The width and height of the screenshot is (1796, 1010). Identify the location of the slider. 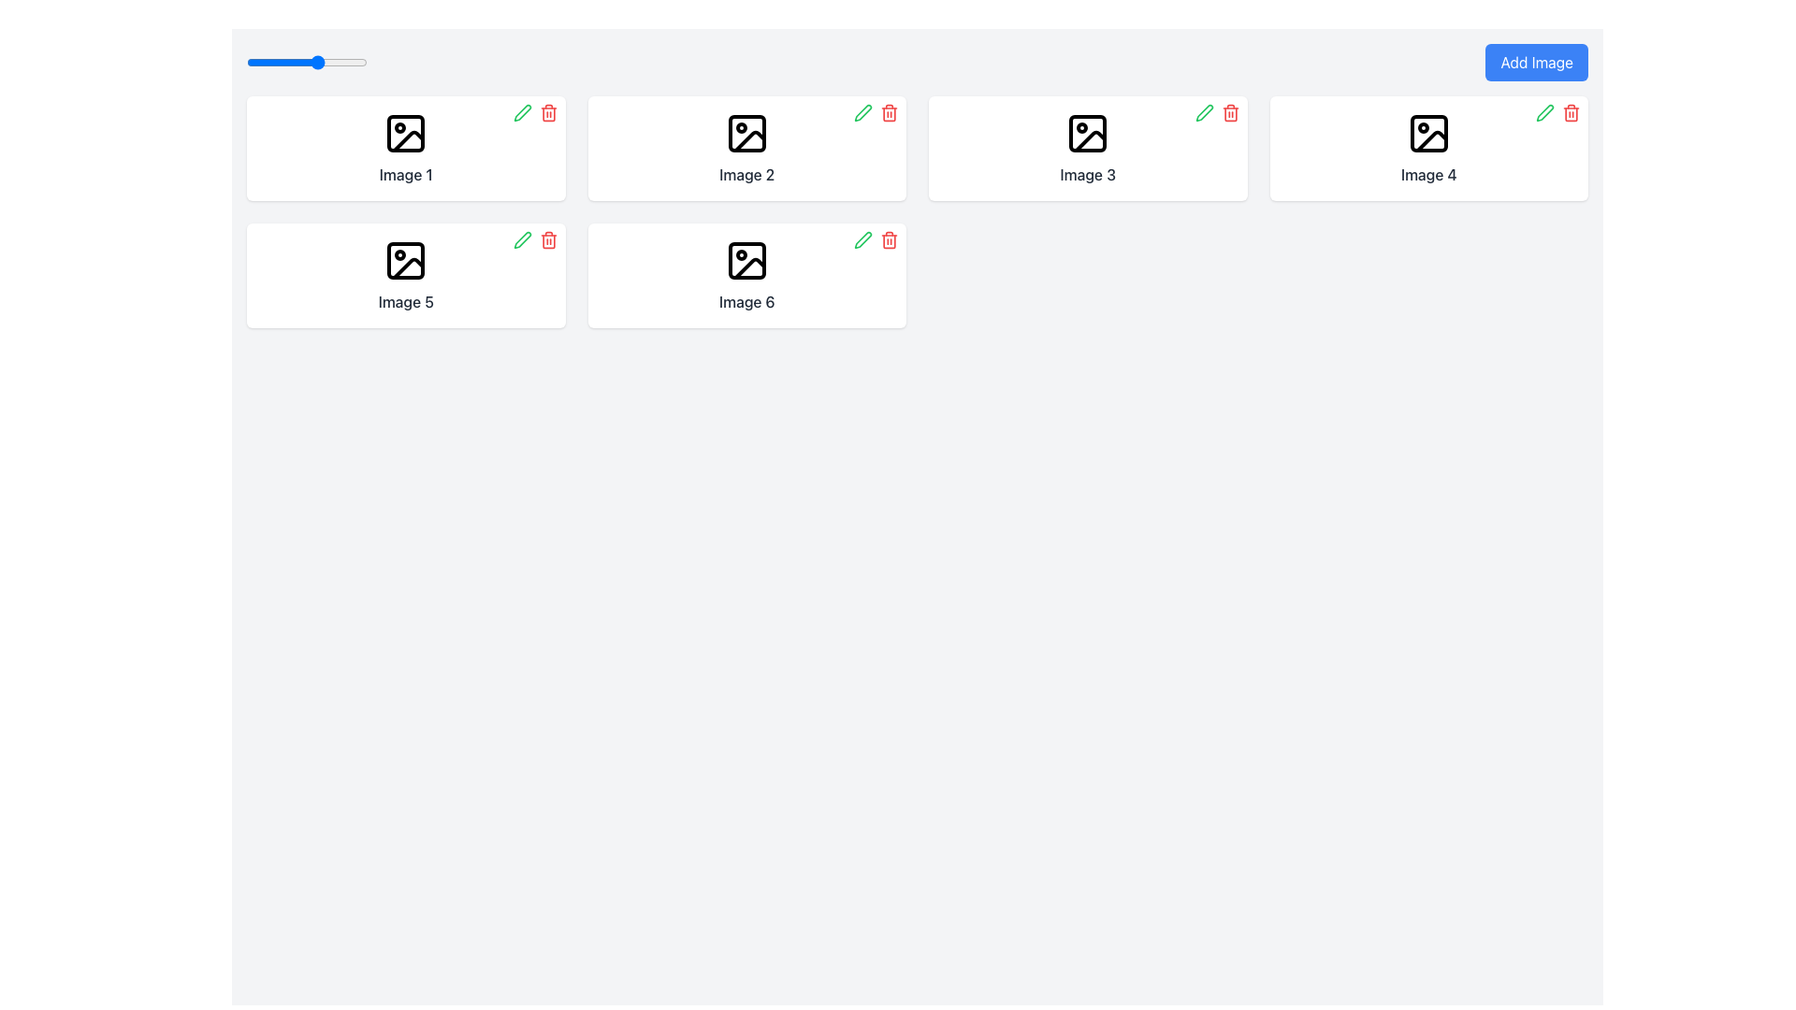
(269, 61).